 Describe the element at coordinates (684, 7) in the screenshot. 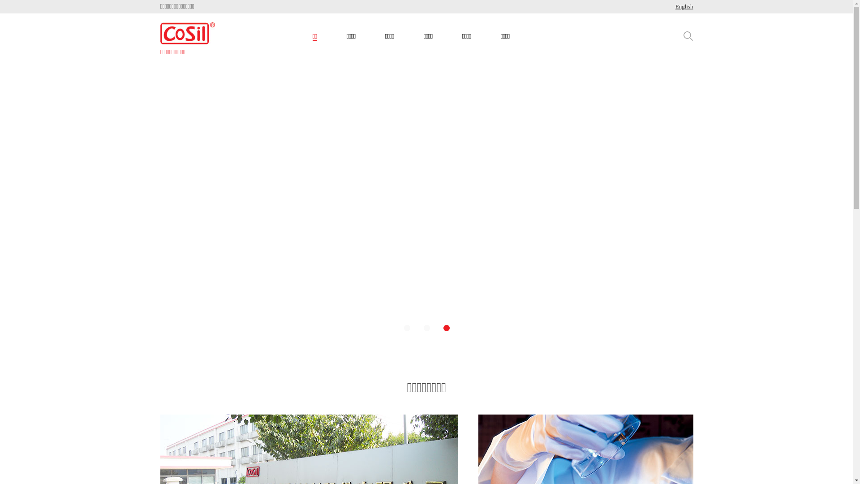

I see `'English'` at that location.